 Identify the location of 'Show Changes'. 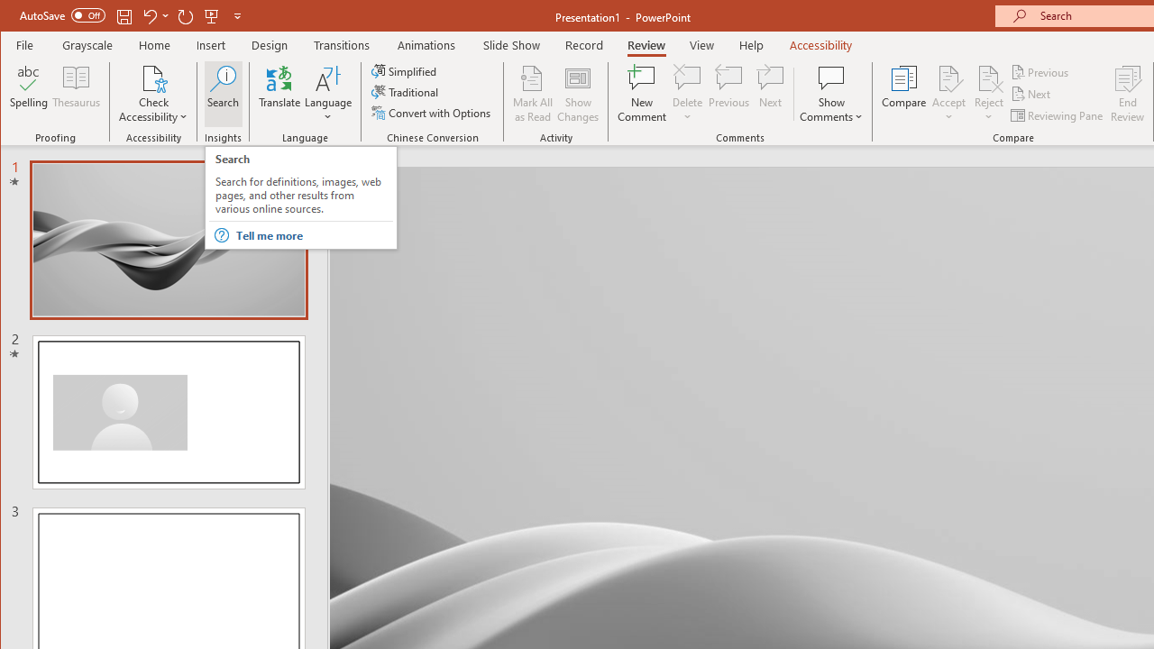
(578, 94).